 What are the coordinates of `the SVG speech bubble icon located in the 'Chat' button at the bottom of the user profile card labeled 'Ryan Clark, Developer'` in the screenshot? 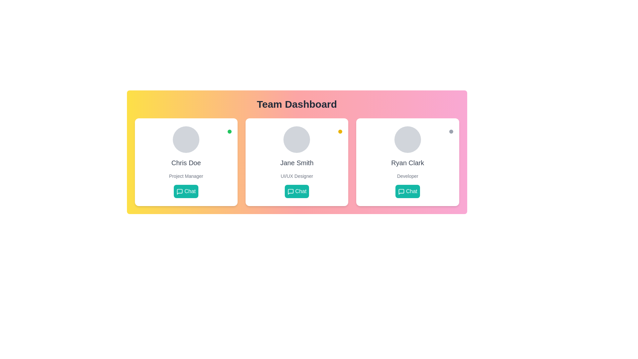 It's located at (401, 191).